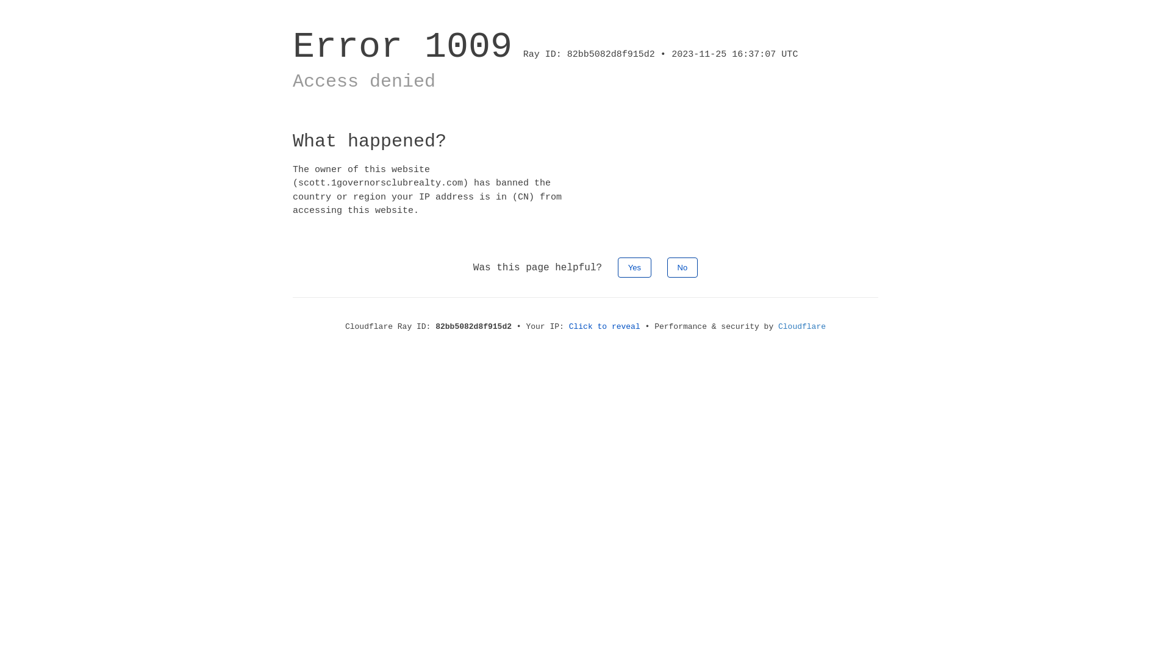 The image size is (1171, 659). I want to click on 'Yes', so click(634, 267).